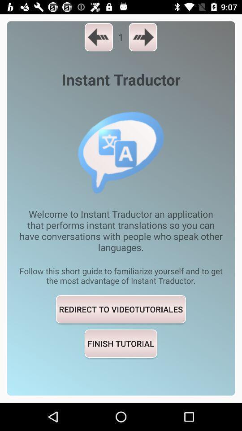  Describe the element at coordinates (143, 37) in the screenshot. I see `the item next to the  1  icon` at that location.